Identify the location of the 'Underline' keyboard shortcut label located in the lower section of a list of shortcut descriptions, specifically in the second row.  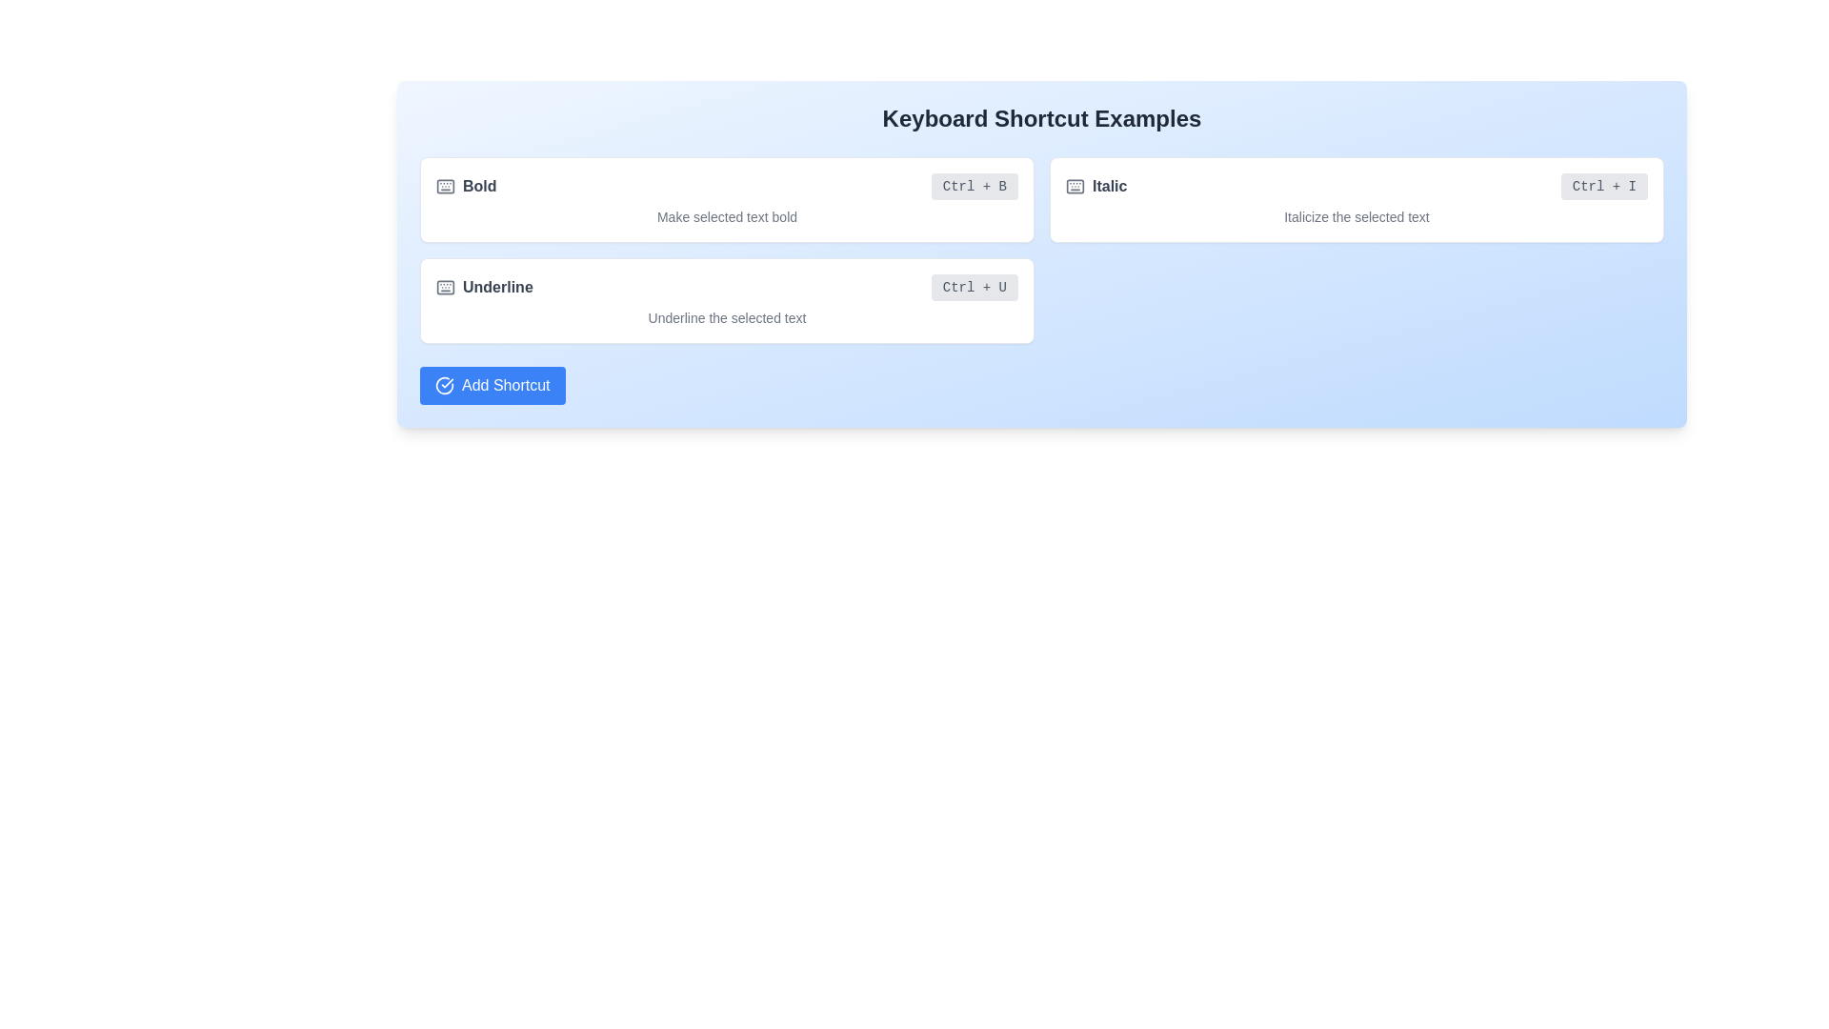
(497, 287).